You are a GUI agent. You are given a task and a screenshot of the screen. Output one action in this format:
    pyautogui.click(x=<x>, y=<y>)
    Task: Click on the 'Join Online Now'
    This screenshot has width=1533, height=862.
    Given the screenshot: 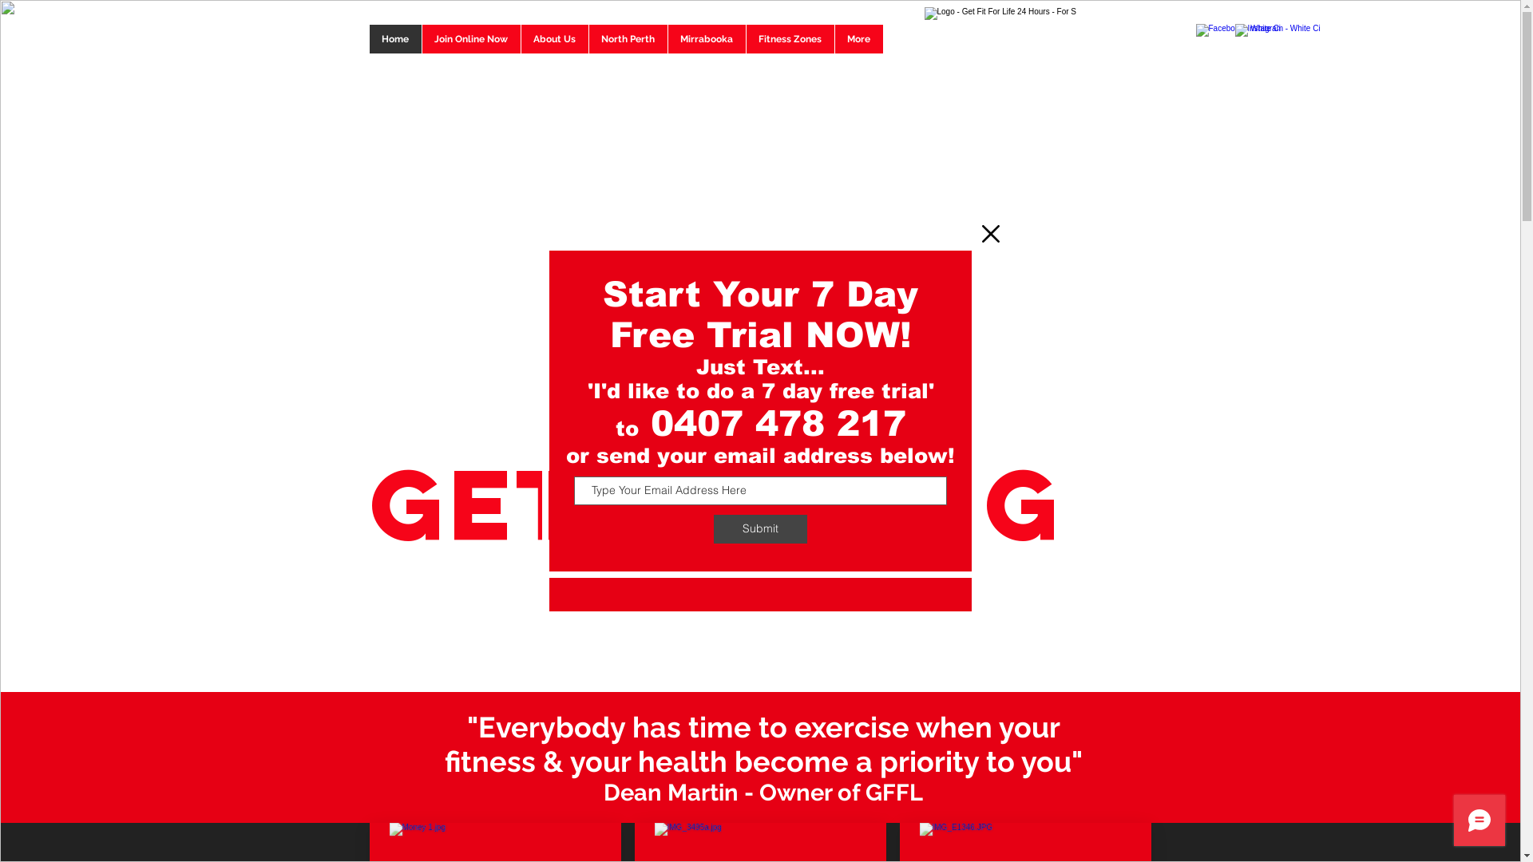 What is the action you would take?
    pyautogui.click(x=470, y=38)
    